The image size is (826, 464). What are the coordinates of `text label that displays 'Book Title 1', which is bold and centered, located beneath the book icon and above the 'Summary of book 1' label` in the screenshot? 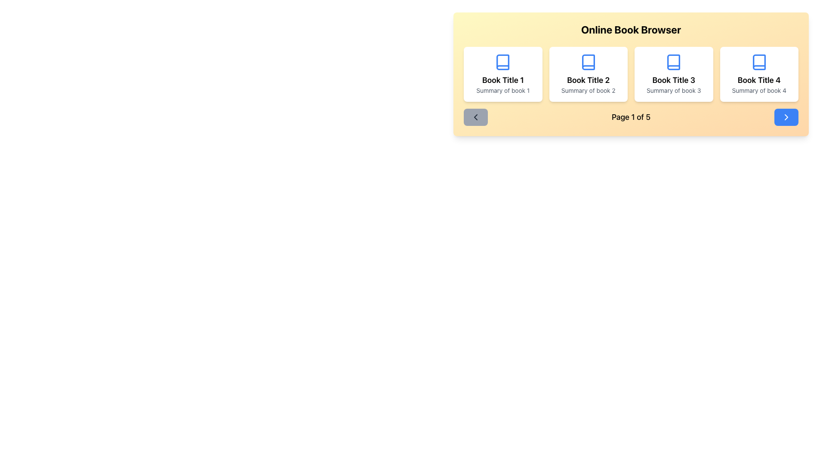 It's located at (503, 80).